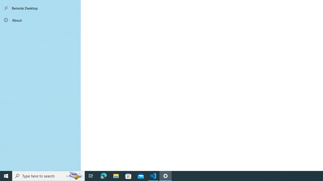 This screenshot has height=181, width=323. What do you see at coordinates (166, 175) in the screenshot?
I see `'Settings - 1 running window'` at bounding box center [166, 175].